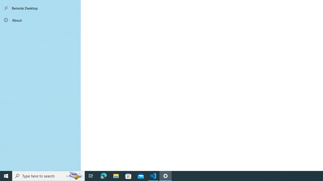 This screenshot has height=181, width=323. What do you see at coordinates (166, 175) in the screenshot?
I see `'Settings - 1 running window'` at bounding box center [166, 175].